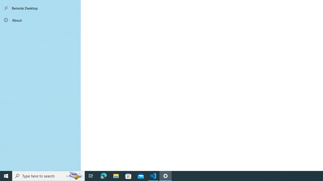 This screenshot has height=181, width=323. What do you see at coordinates (166, 175) in the screenshot?
I see `'Settings - 1 running window'` at bounding box center [166, 175].